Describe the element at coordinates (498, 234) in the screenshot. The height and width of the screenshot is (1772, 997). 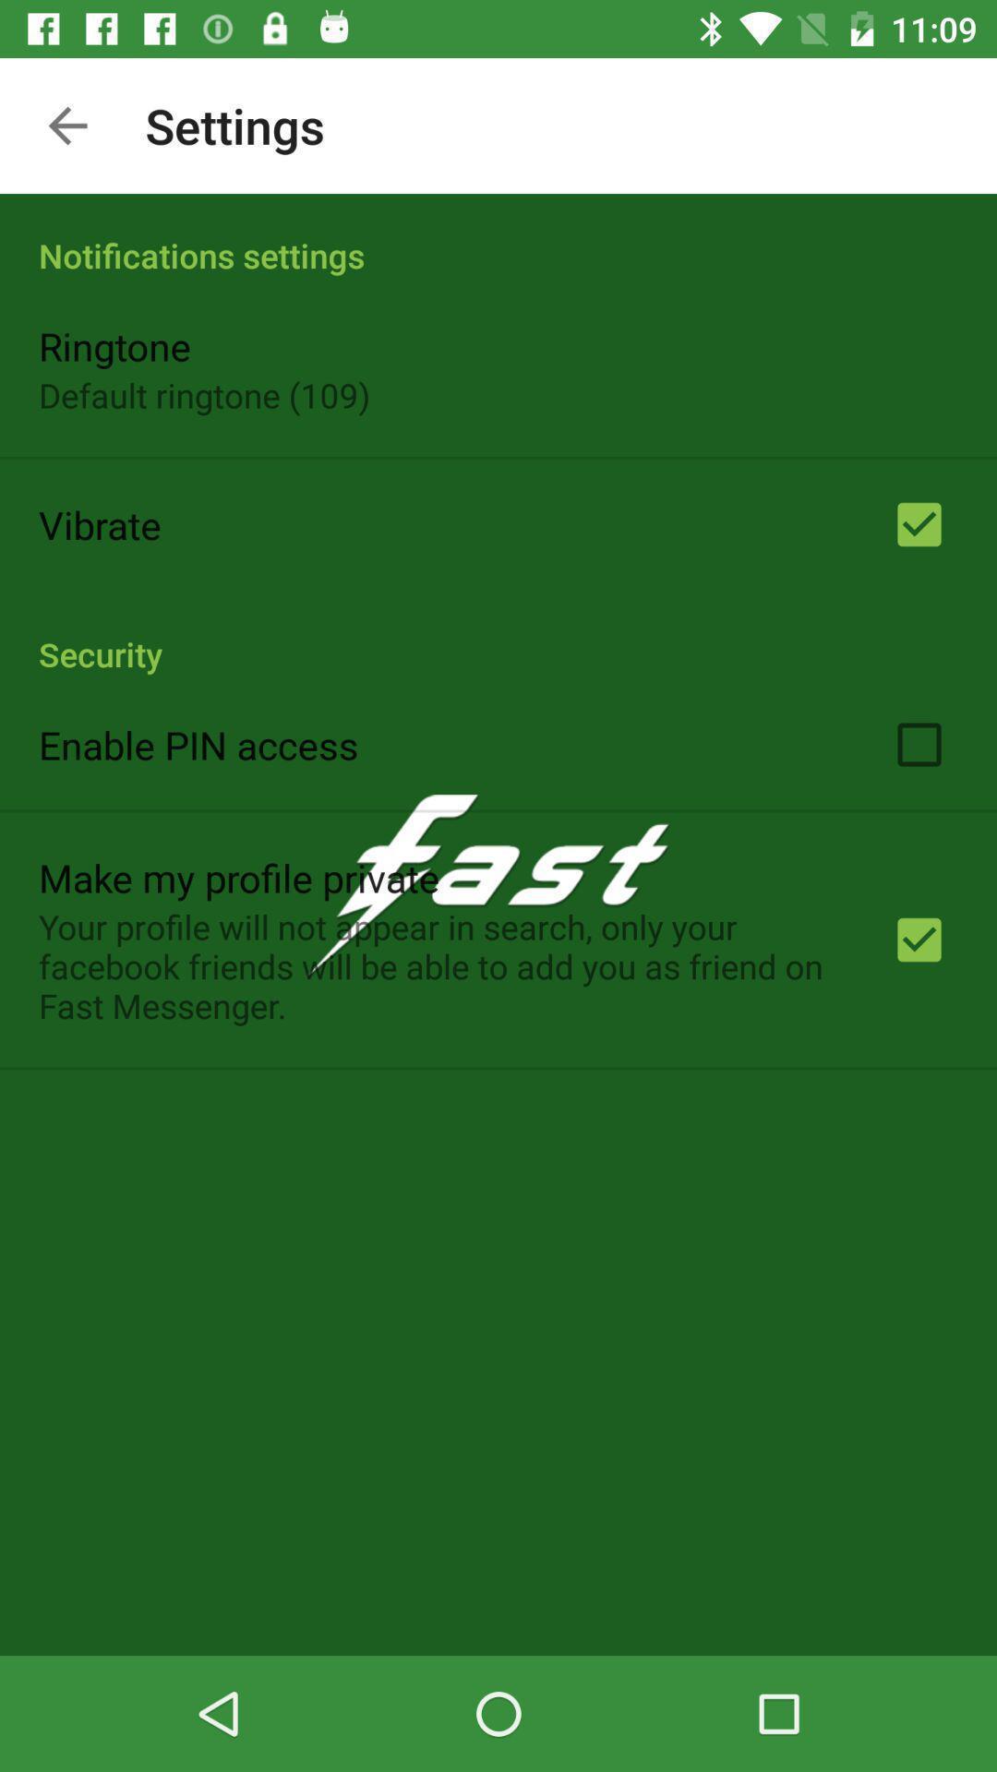
I see `the notifications settings item` at that location.